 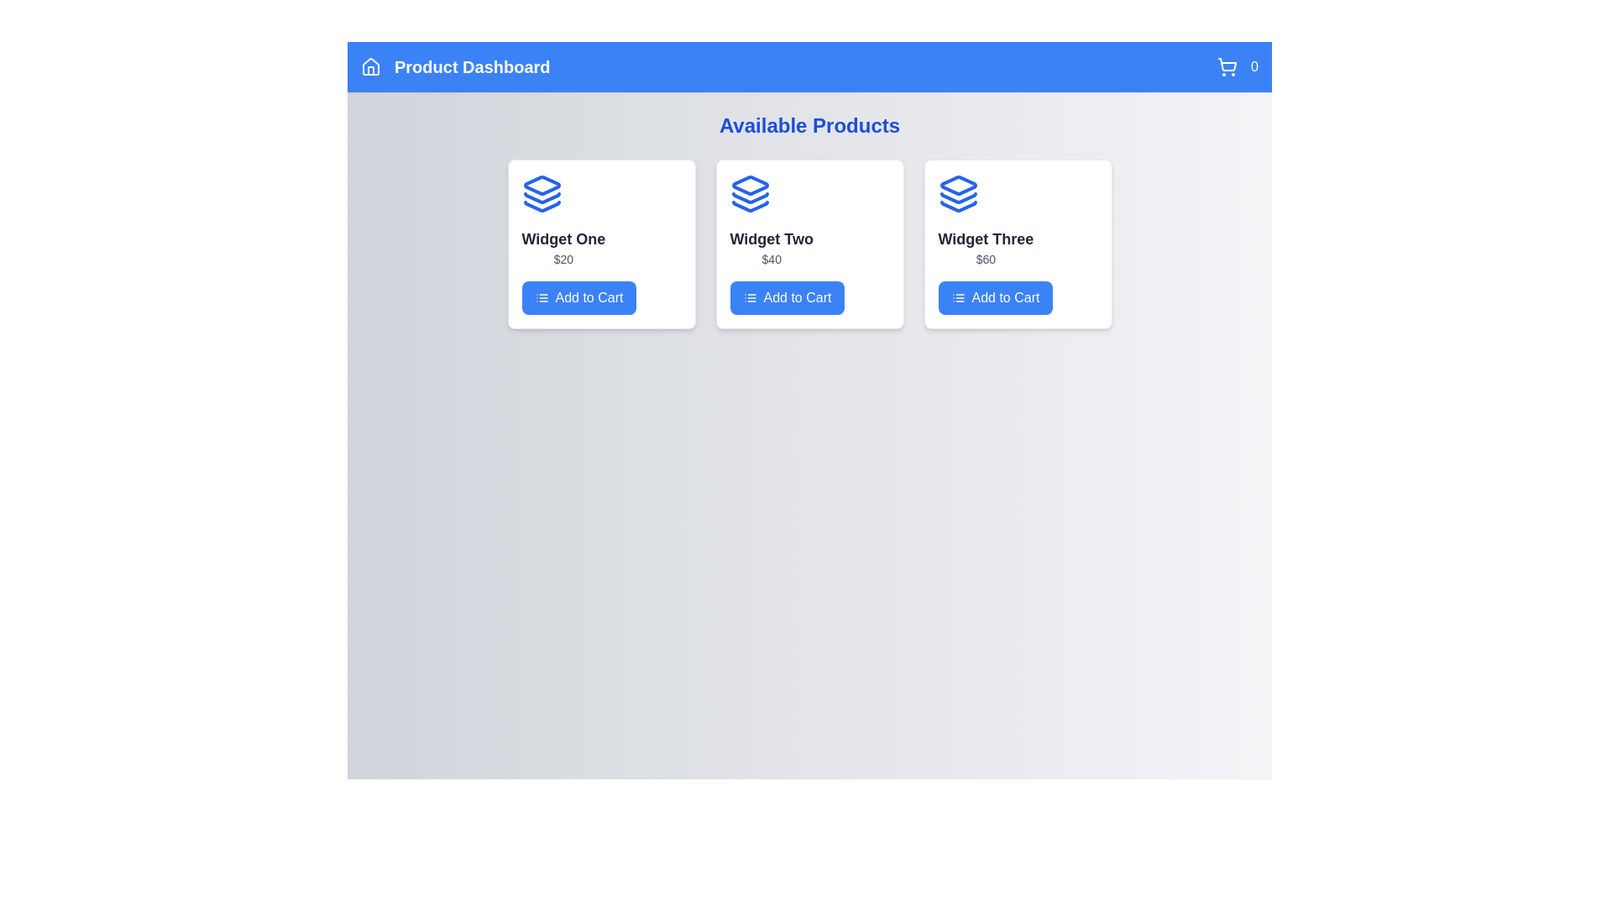 I want to click on the leftmost icon within the 'Add to Cart' button for 'Widget One' in the product dashboard, so click(x=542, y=296).